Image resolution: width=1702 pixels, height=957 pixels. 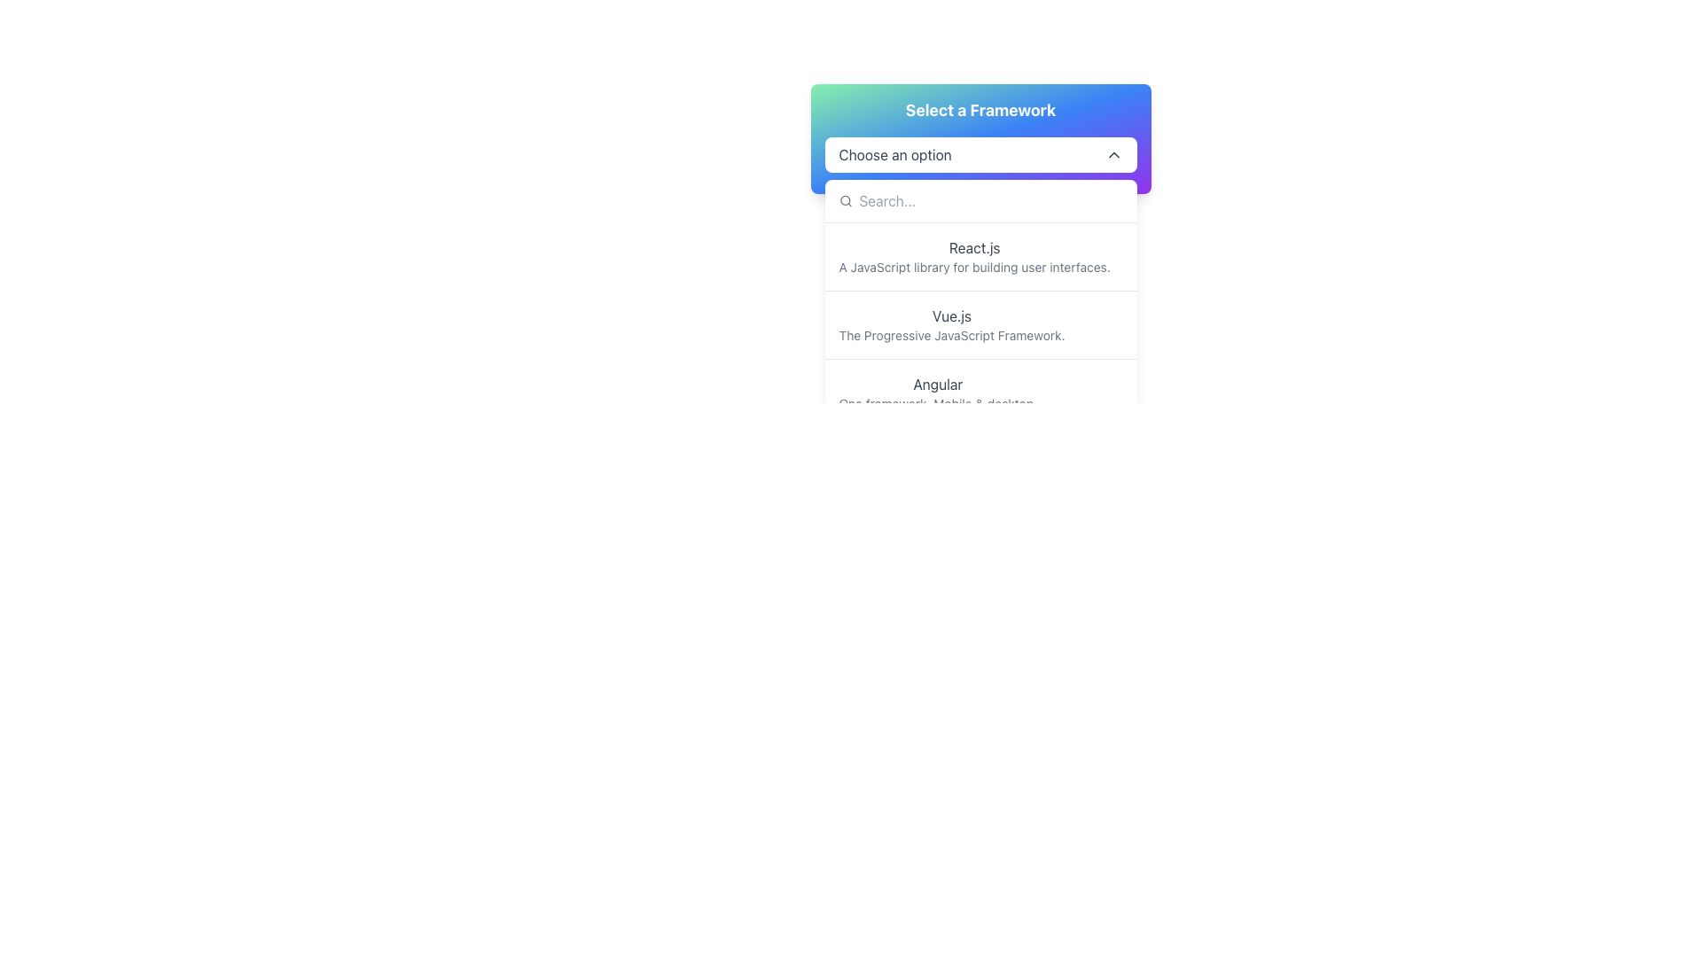 What do you see at coordinates (973, 256) in the screenshot?
I see `the first selectable option in the dropdown menu labeled 'React.js'` at bounding box center [973, 256].